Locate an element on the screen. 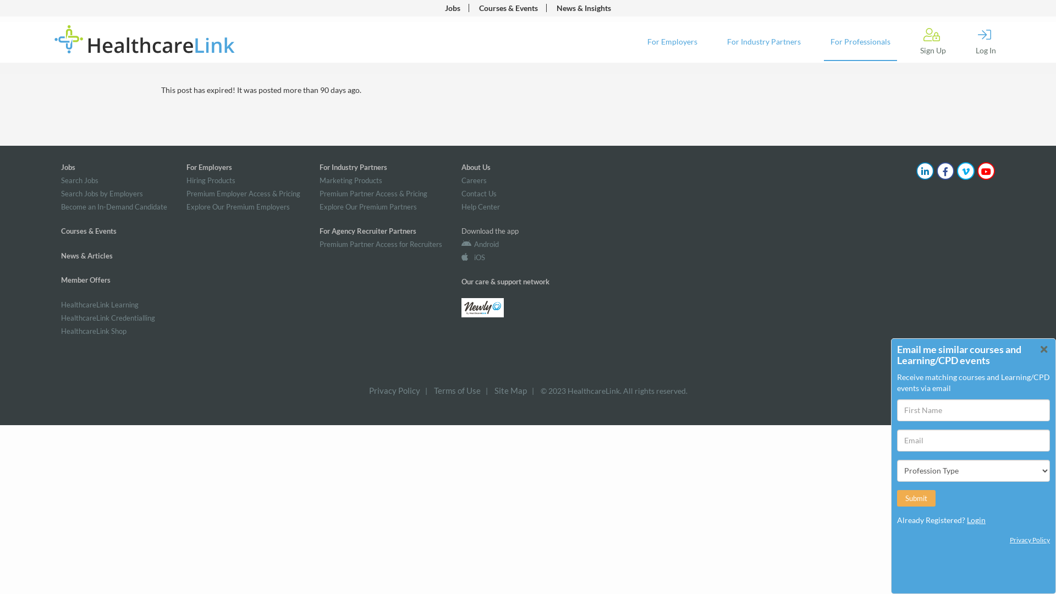 The height and width of the screenshot is (594, 1056). 'For Professionals' is located at coordinates (860, 42).